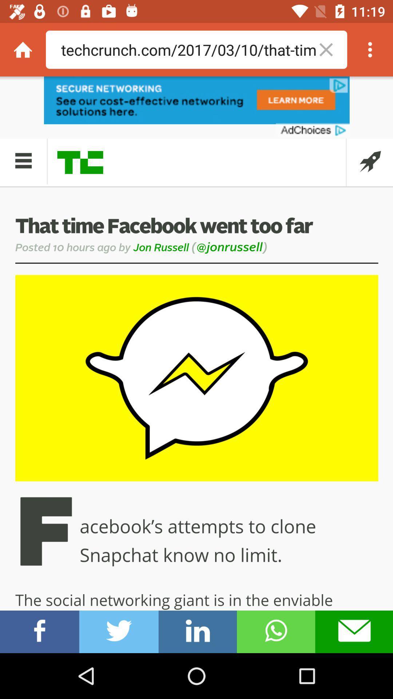 The height and width of the screenshot is (699, 393). I want to click on go home menu, so click(22, 49).